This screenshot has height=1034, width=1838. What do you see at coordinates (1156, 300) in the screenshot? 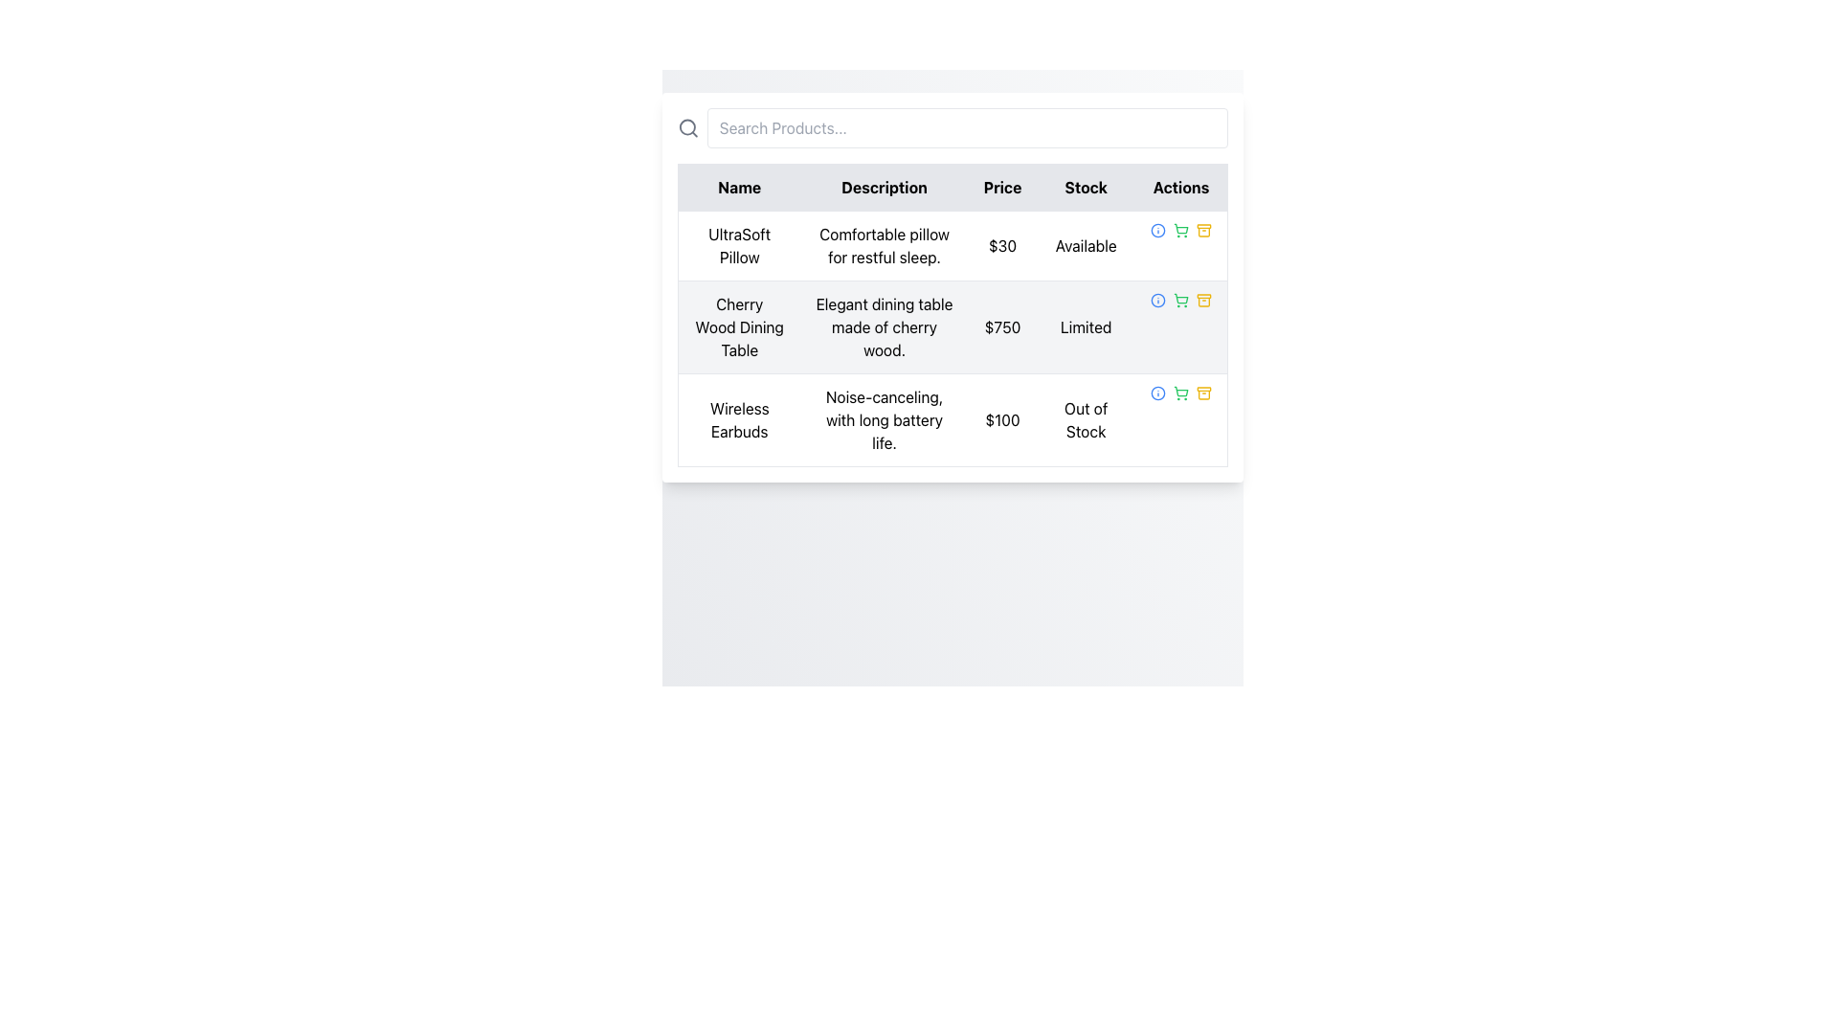
I see `the information button for the 'Cherry Wood Dining Table'` at bounding box center [1156, 300].